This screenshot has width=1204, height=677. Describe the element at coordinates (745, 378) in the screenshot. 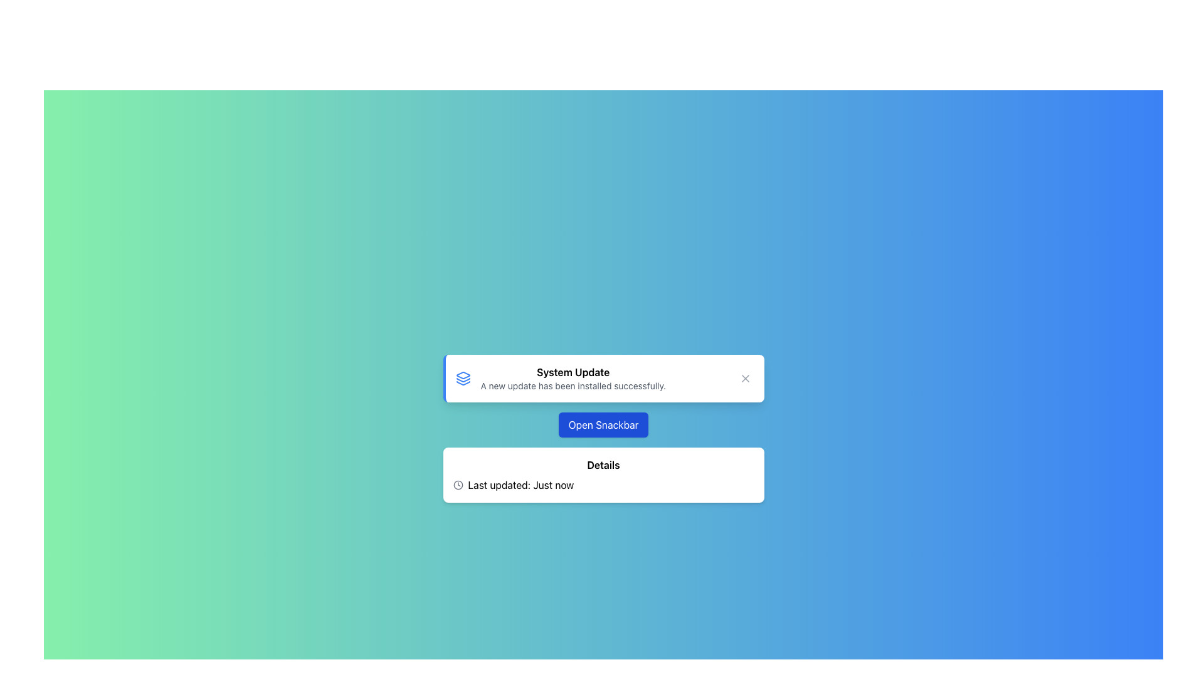

I see `the close icon located in the top-right corner of the 'System Update' notification box` at that location.